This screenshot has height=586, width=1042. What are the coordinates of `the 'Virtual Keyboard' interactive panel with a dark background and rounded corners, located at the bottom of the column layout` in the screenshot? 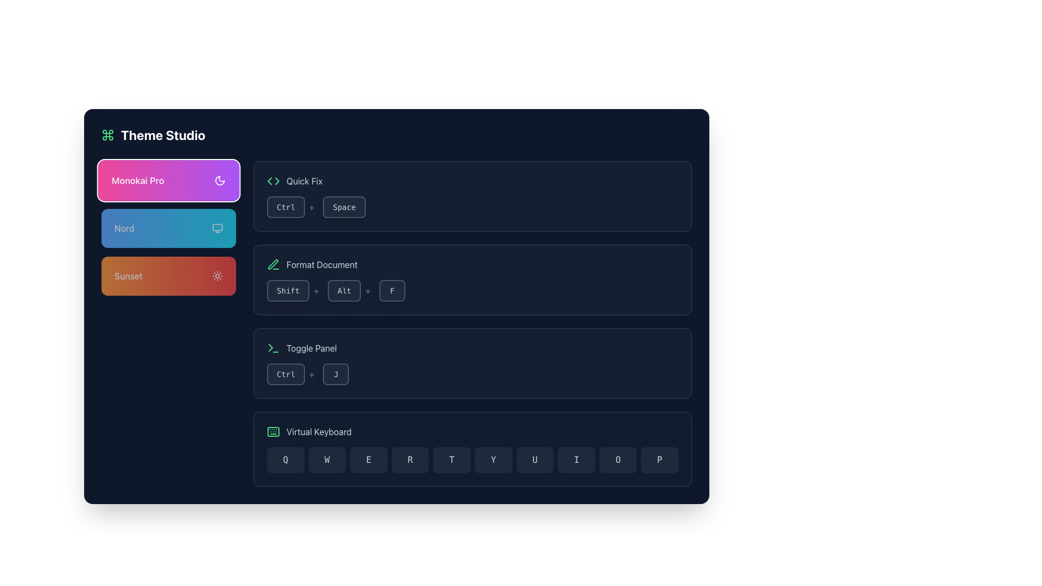 It's located at (472, 449).